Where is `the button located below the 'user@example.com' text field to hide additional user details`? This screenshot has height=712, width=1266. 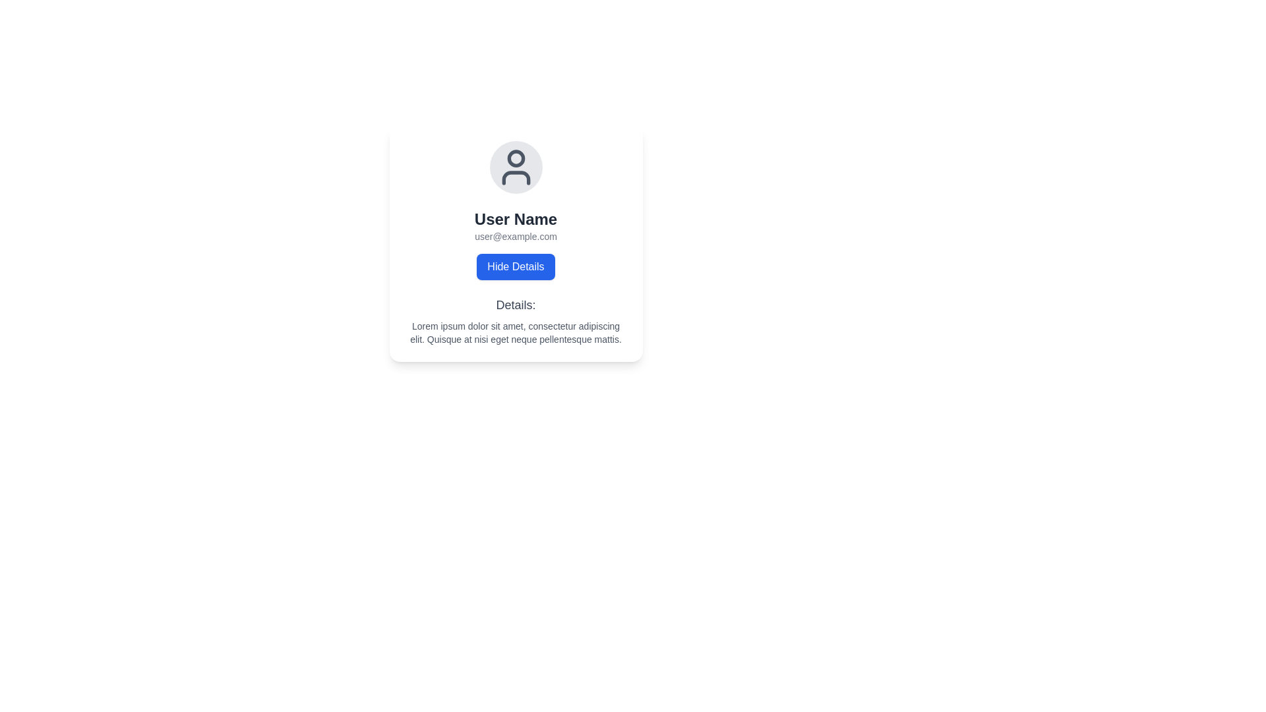 the button located below the 'user@example.com' text field to hide additional user details is located at coordinates (515, 267).